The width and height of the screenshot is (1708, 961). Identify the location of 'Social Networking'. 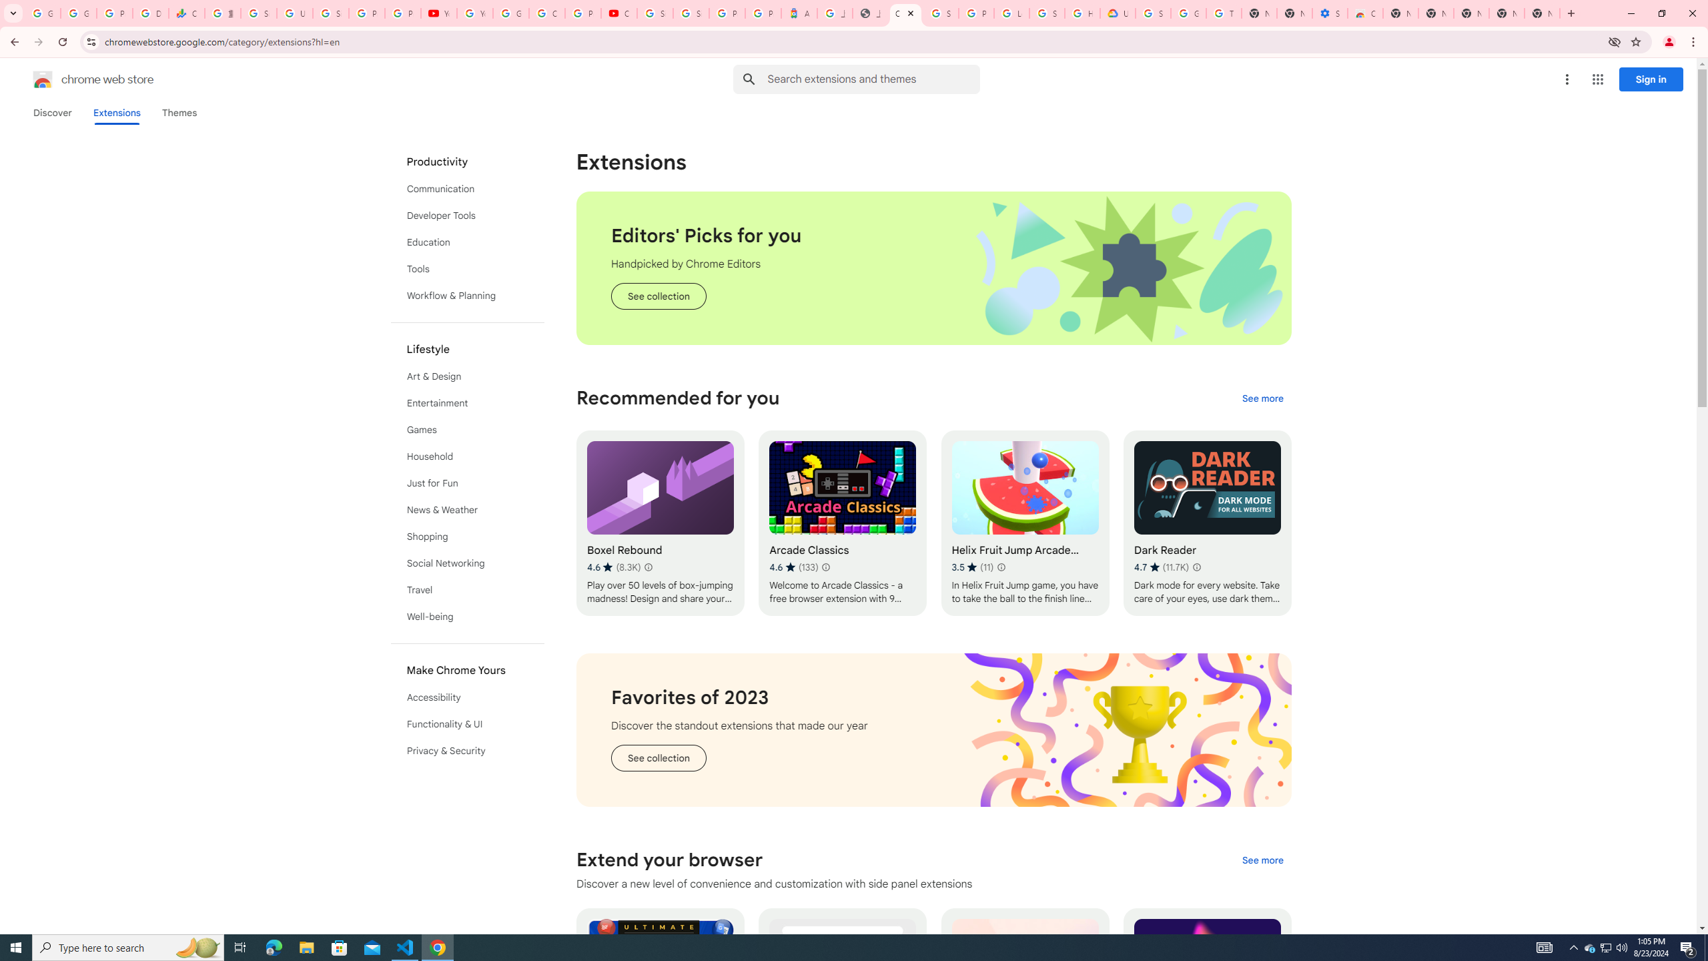
(468, 562).